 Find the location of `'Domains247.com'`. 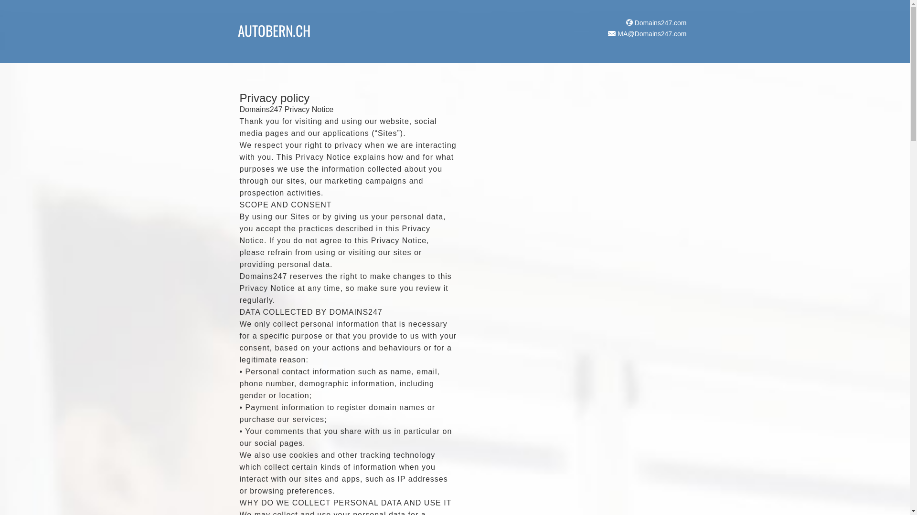

'Domains247.com' is located at coordinates (655, 22).